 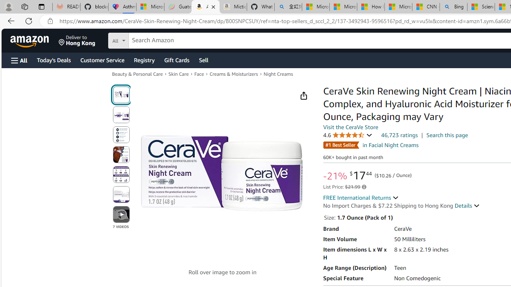 I want to click on 'Night Creams', so click(x=278, y=74).